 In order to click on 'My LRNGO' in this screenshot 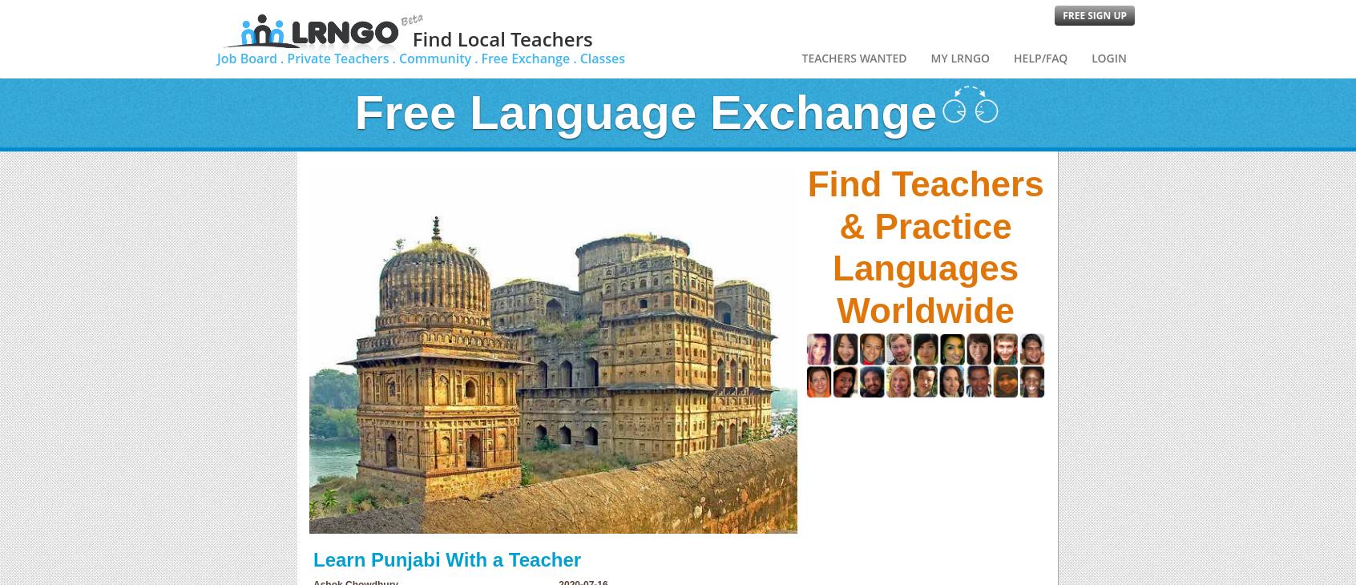, I will do `click(958, 57)`.